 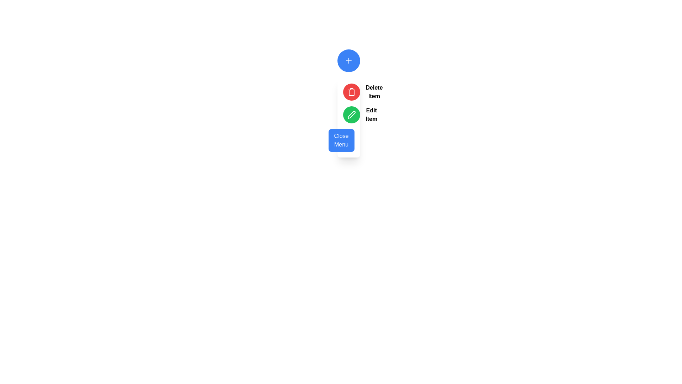 What do you see at coordinates (351, 114) in the screenshot?
I see `the green circular button with a pencil icon to initiate the edit action, which is the second button in a vertical stack, located beneath a red circular button with a trash bin icon` at bounding box center [351, 114].